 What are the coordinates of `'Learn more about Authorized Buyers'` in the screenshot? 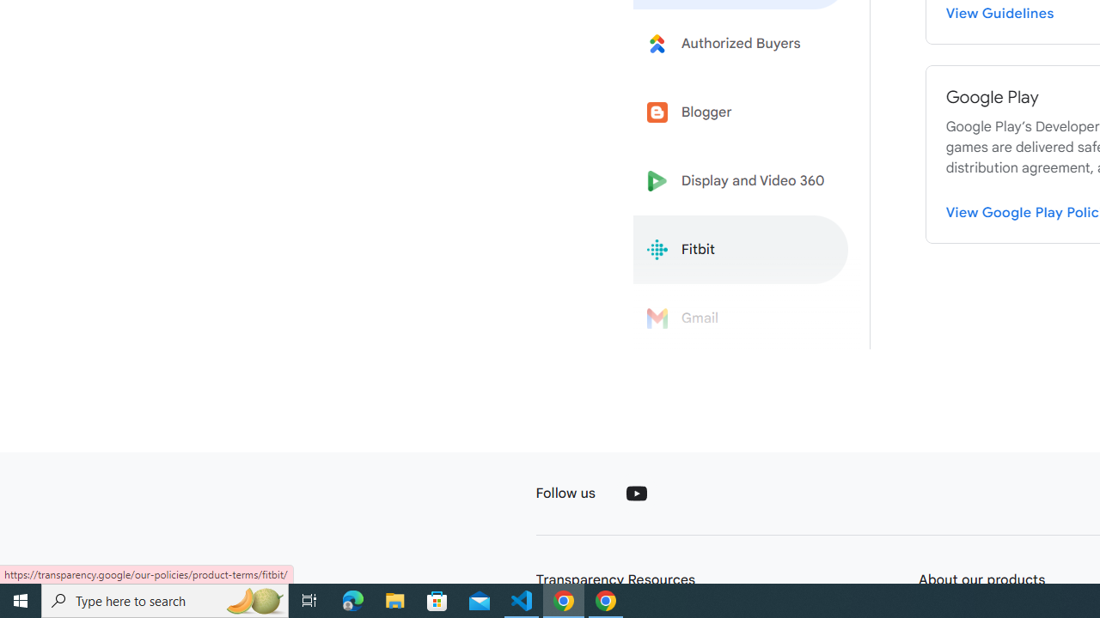 It's located at (741, 42).